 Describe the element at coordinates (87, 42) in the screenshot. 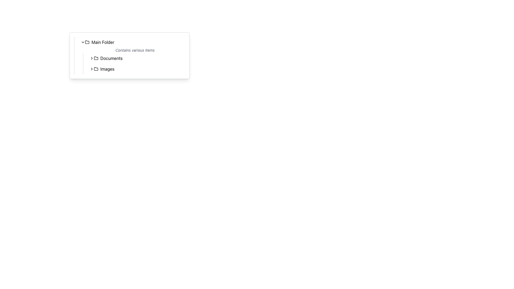

I see `the folder icon visually representing an expandable menu, located next to a chevron-down icon and the text 'Main Folder'` at that location.